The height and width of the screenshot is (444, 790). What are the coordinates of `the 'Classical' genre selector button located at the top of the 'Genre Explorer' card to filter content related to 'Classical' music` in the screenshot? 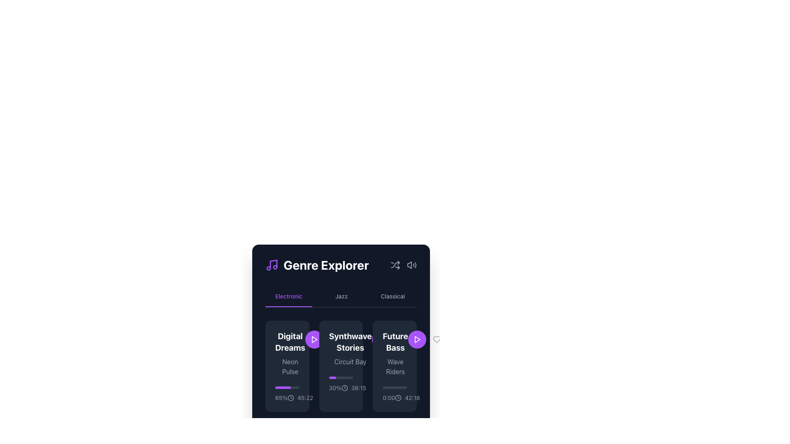 It's located at (392, 296).